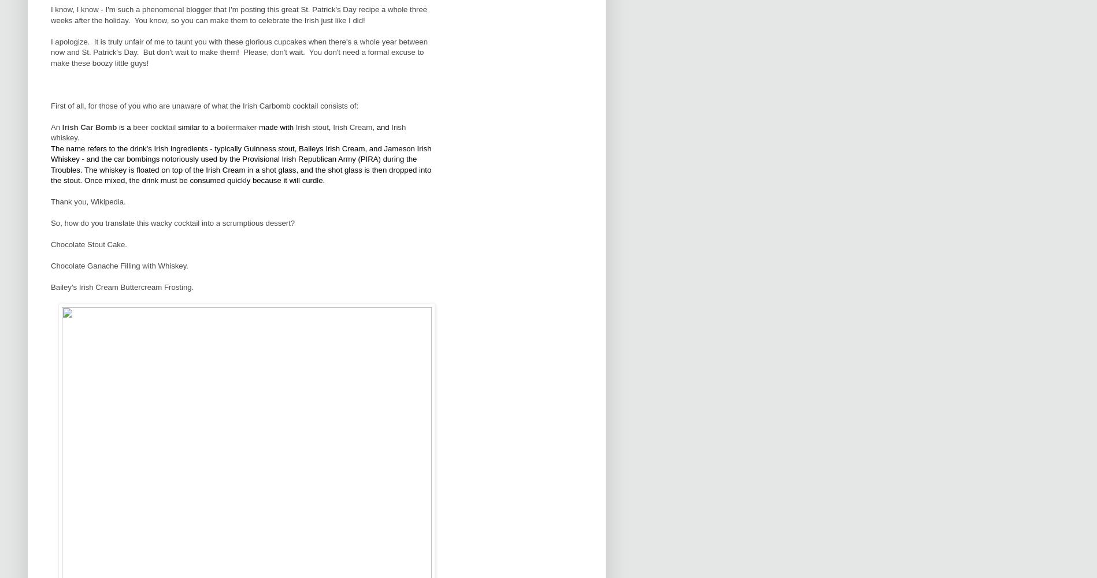 The height and width of the screenshot is (578, 1097). What do you see at coordinates (51, 202) in the screenshot?
I see `'Thank you, Wikipedia.'` at bounding box center [51, 202].